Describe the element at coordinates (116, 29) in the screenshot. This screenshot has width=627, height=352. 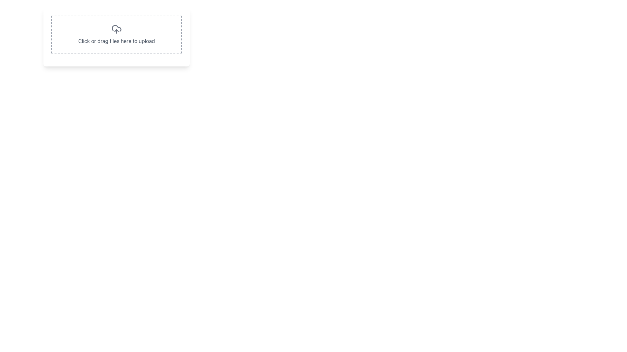
I see `the upload icon, which symbolizes the file upload functionality, located above the text 'Click or drag files here to upload'` at that location.